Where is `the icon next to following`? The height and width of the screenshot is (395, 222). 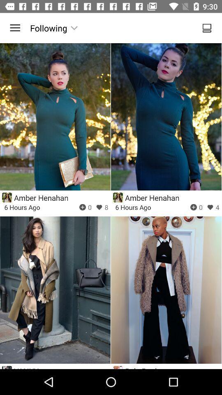 the icon next to following is located at coordinates (15, 28).